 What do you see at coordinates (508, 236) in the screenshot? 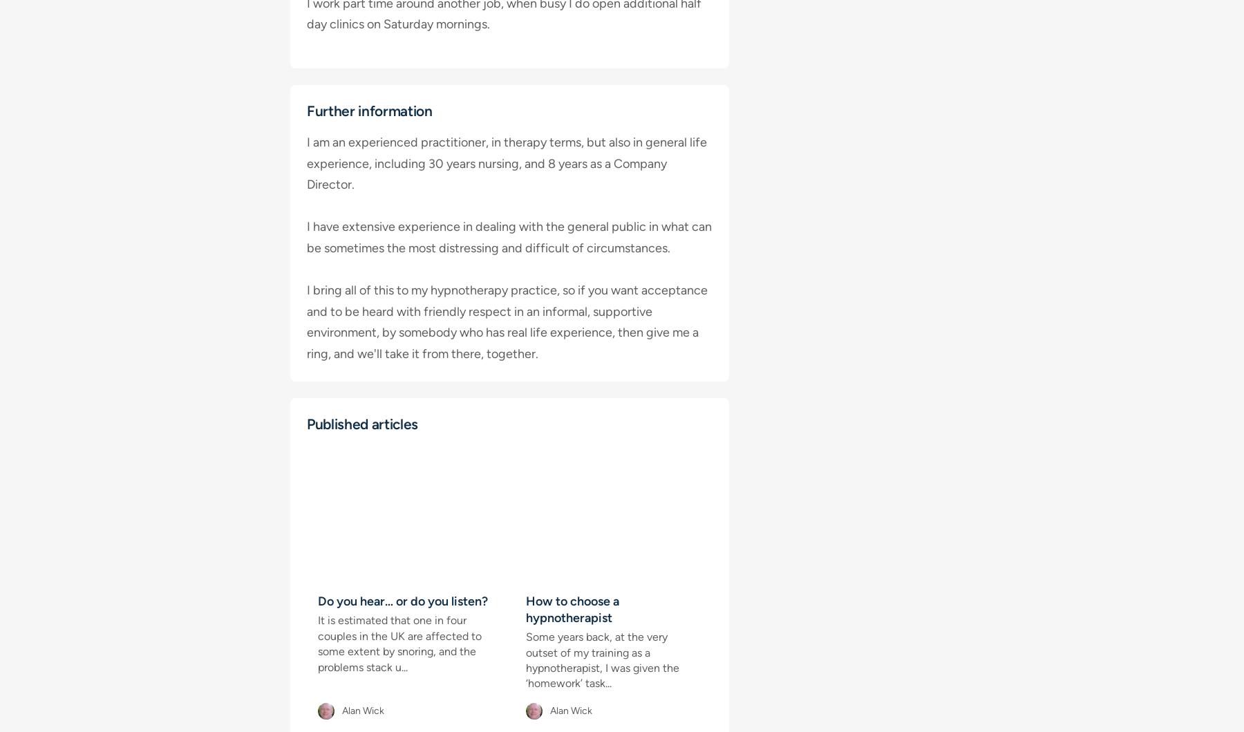
I see `'I have extensive experience in dealing with the general public in what can be sometimes the most distressing and difficult of circumstances.'` at bounding box center [508, 236].